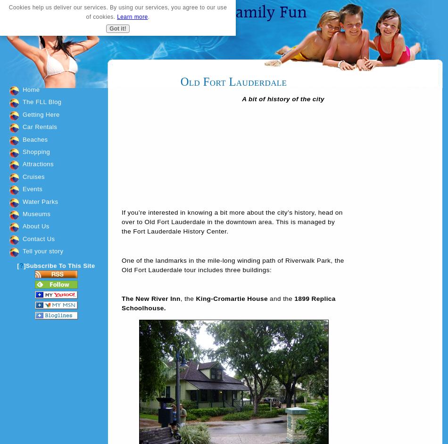  I want to click on 'Beaches', so click(35, 138).